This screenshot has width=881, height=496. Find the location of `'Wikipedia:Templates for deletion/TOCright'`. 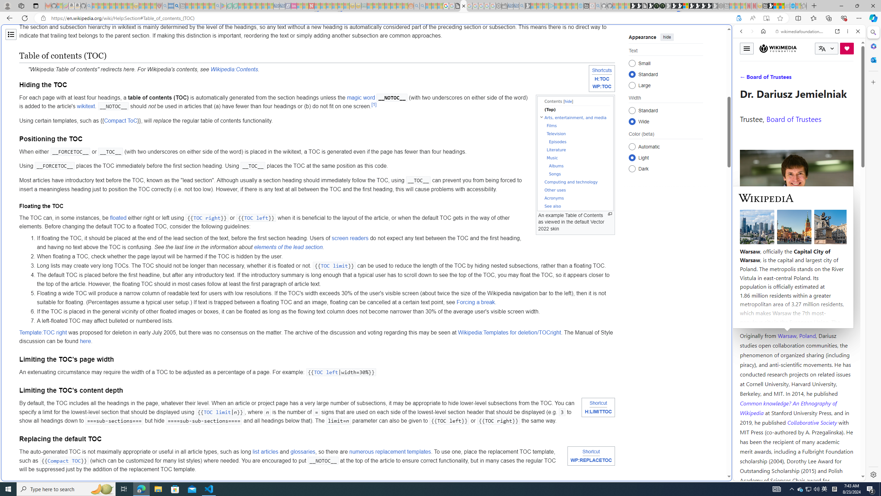

'Wikipedia:Templates for deletion/TOCright' is located at coordinates (509, 332).